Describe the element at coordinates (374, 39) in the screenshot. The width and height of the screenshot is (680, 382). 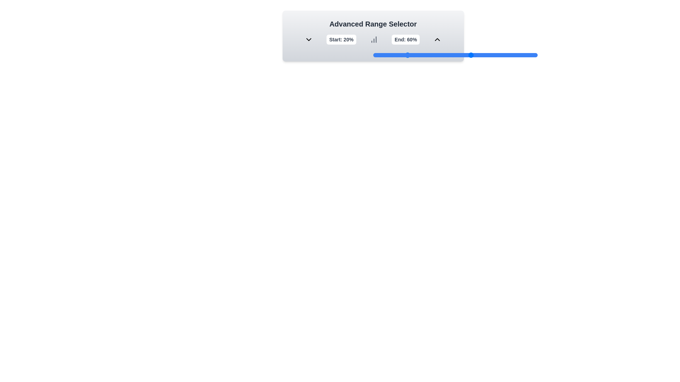
I see `the BarChart icon to observe it` at that location.